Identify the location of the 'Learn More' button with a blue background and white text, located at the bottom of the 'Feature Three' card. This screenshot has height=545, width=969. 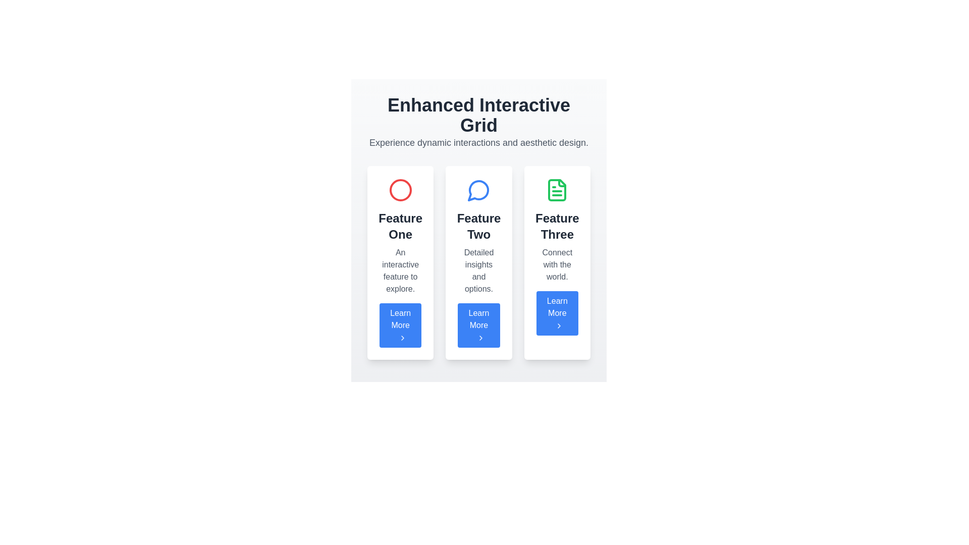
(557, 313).